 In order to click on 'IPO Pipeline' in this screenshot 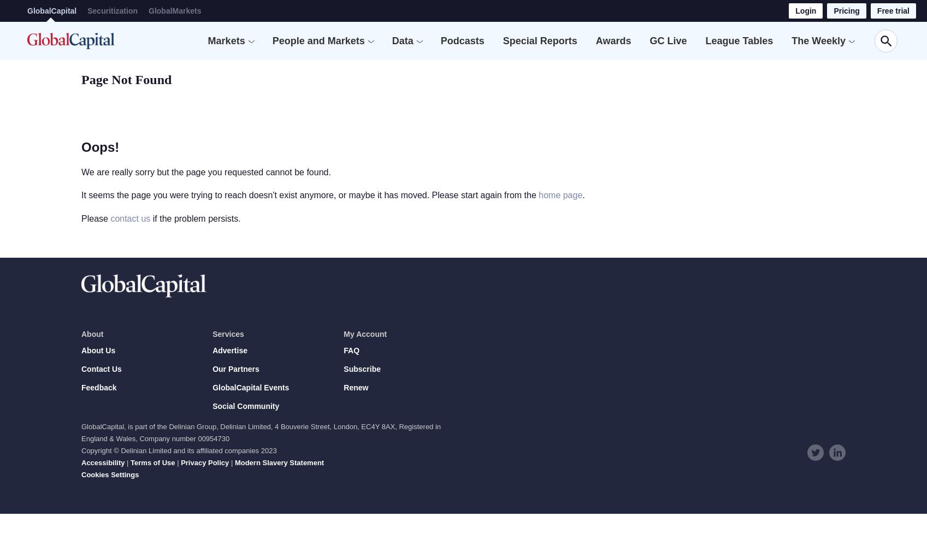, I will do `click(437, 76)`.